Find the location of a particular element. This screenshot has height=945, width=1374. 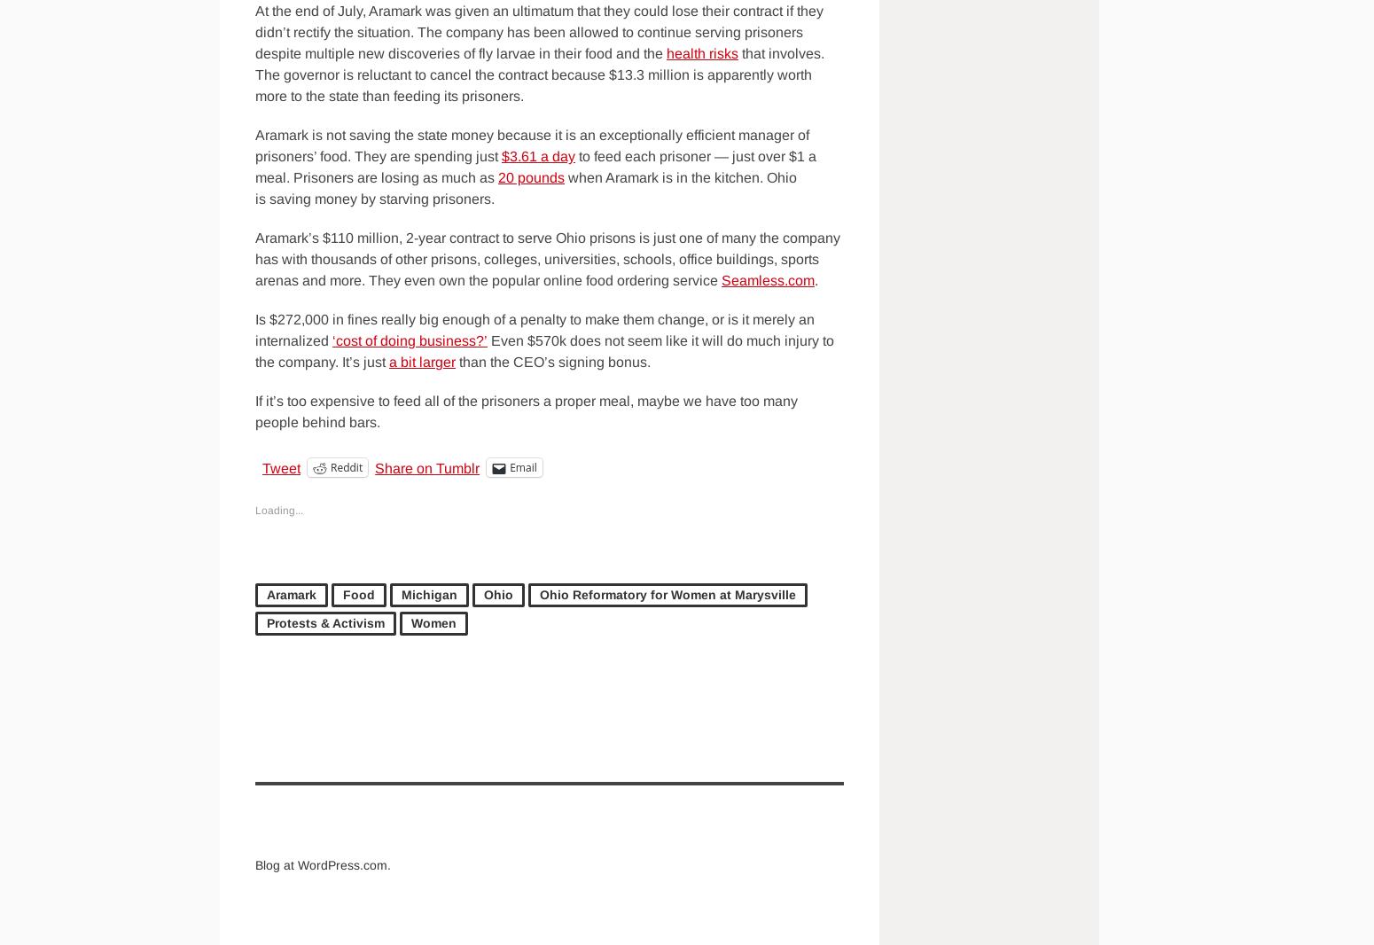

'Ohio Reformatory for Women at Marysville' is located at coordinates (667, 594).